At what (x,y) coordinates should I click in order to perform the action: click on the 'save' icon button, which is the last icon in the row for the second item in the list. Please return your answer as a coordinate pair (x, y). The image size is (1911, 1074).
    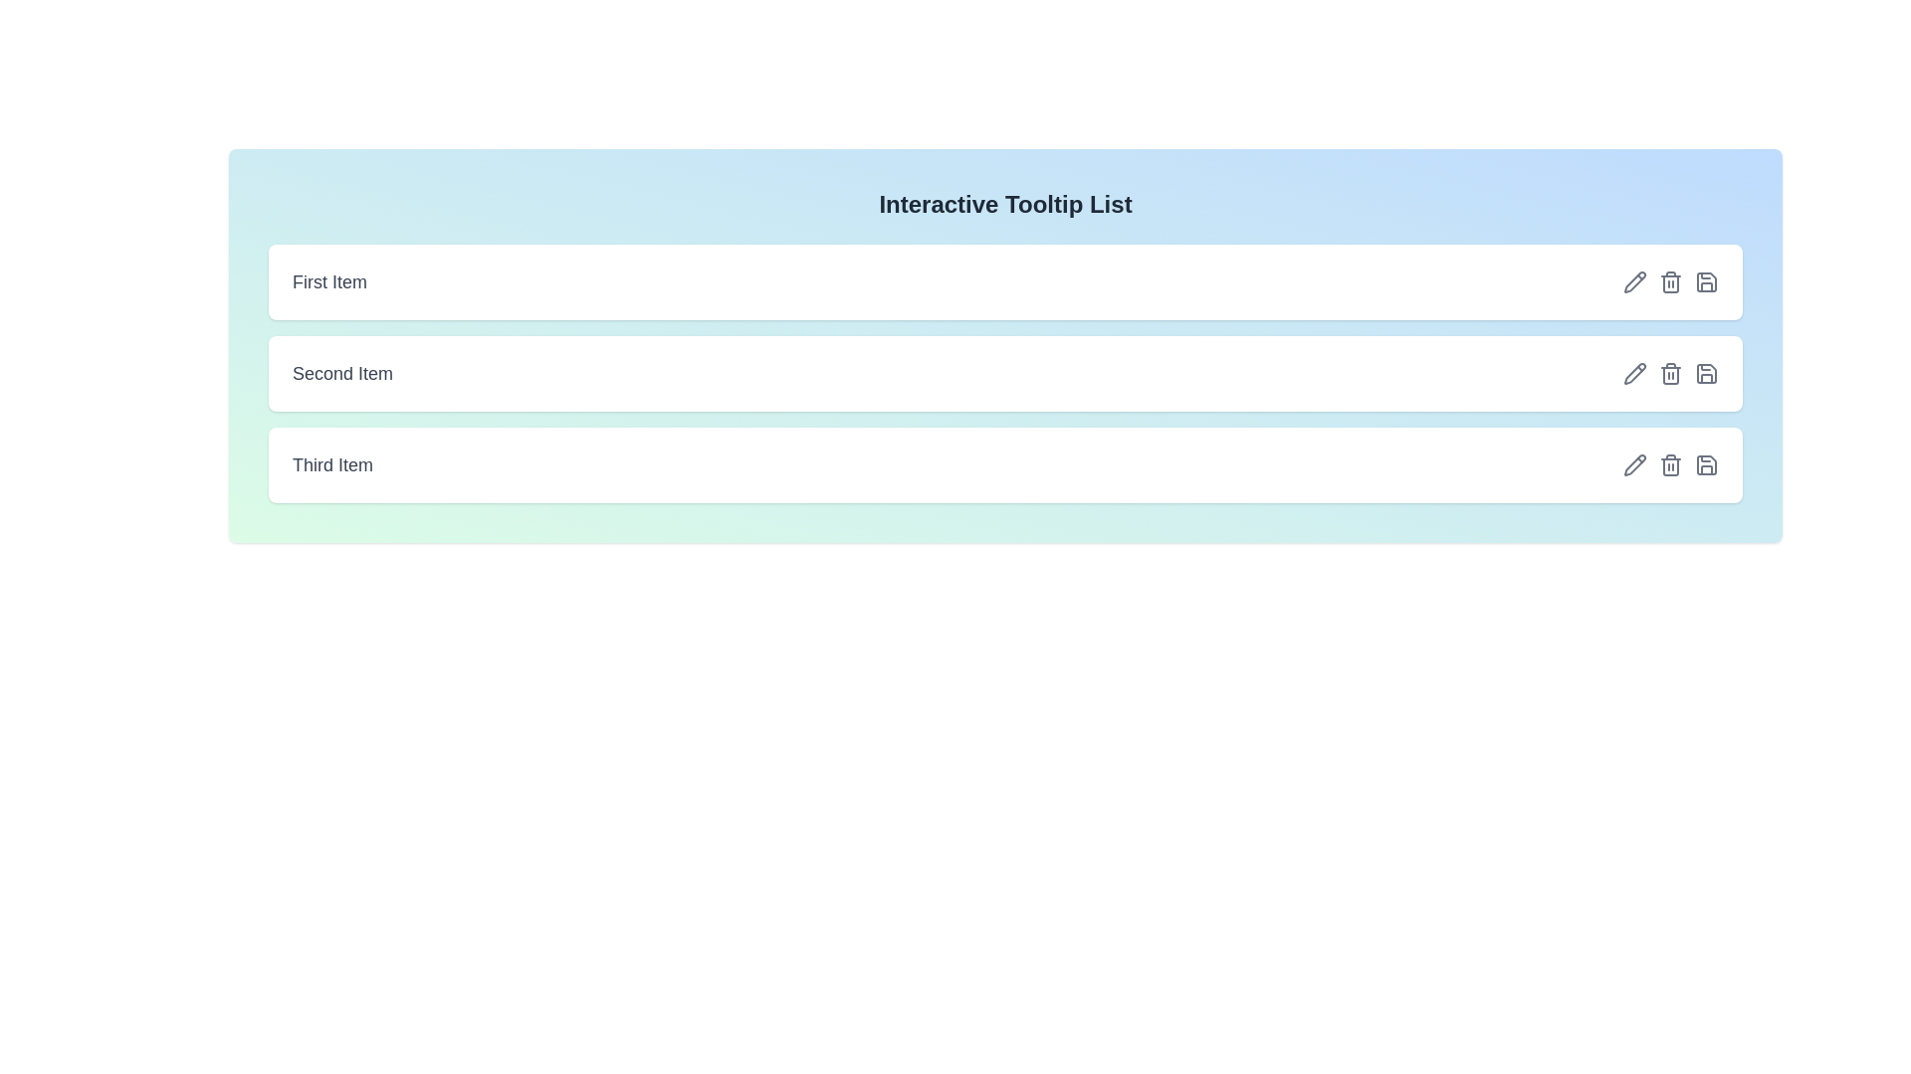
    Looking at the image, I should click on (1705, 373).